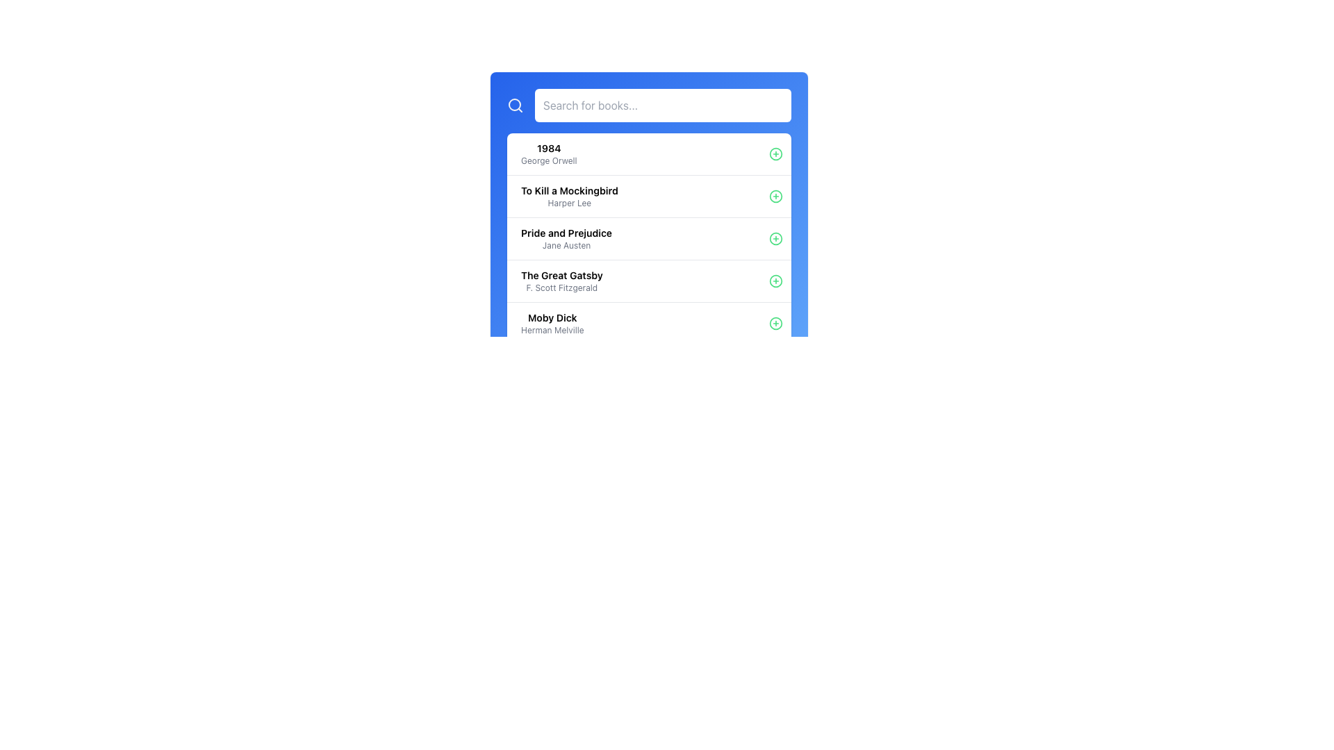 Image resolution: width=1334 pixels, height=750 pixels. What do you see at coordinates (648, 237) in the screenshot?
I see `the third list item displaying a book title and author, located between 'To Kill a Mockingbird' and 'The Great Gatsby'` at bounding box center [648, 237].